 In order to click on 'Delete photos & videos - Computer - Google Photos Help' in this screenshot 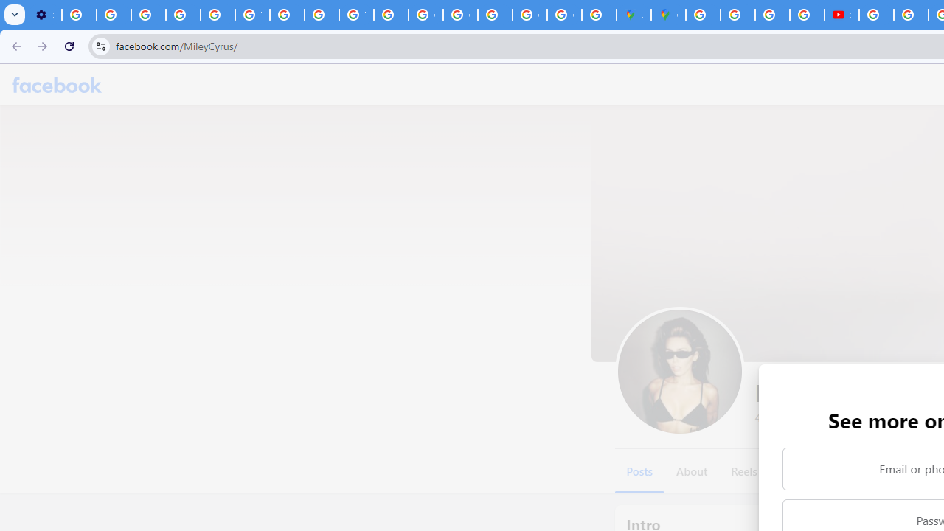, I will do `click(78, 15)`.